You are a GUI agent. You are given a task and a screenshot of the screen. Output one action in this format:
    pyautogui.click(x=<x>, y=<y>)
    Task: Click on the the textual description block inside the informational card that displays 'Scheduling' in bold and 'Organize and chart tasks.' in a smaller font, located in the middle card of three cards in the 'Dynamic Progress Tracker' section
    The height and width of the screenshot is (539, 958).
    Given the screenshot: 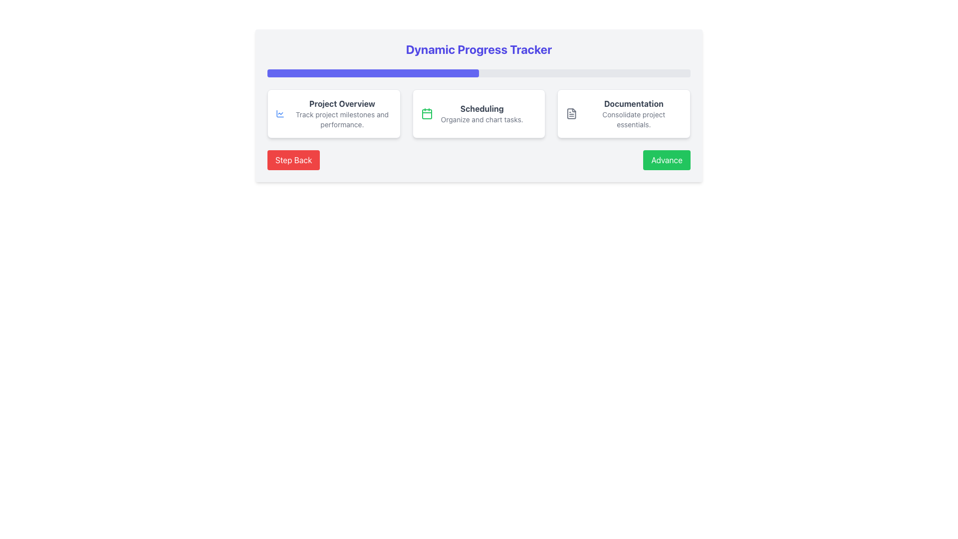 What is the action you would take?
    pyautogui.click(x=482, y=113)
    